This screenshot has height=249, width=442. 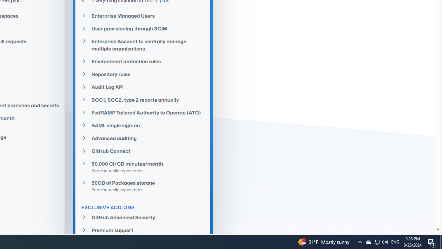 What do you see at coordinates (143, 28) in the screenshot?
I see `'User provisioning through SCIM'` at bounding box center [143, 28].